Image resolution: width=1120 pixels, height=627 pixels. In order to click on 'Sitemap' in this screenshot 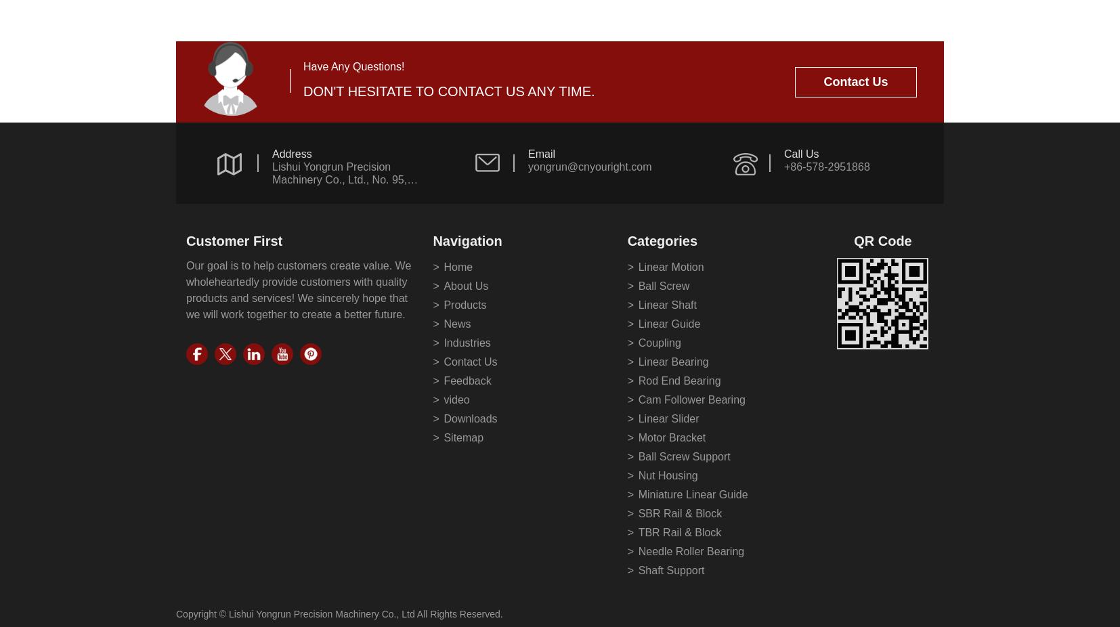, I will do `click(463, 437)`.